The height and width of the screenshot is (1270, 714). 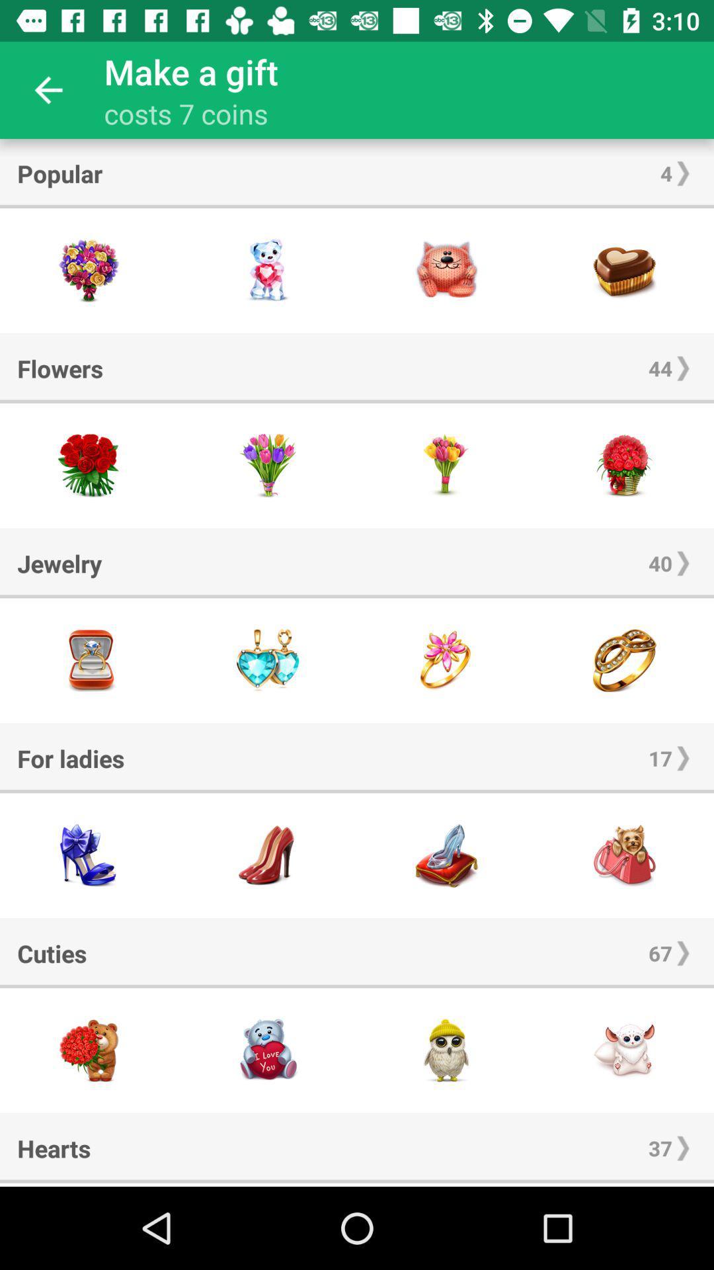 I want to click on the app to the left of the make a gift app, so click(x=48, y=89).